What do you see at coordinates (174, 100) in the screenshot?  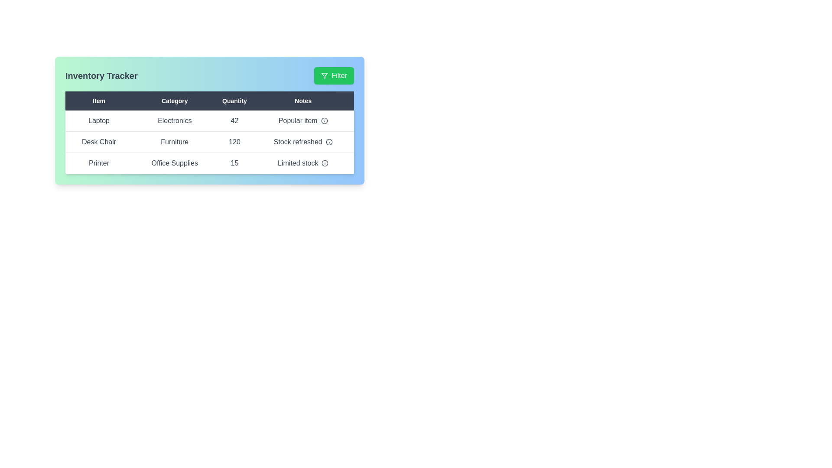 I see `the column header Category to sort the table by that column` at bounding box center [174, 100].